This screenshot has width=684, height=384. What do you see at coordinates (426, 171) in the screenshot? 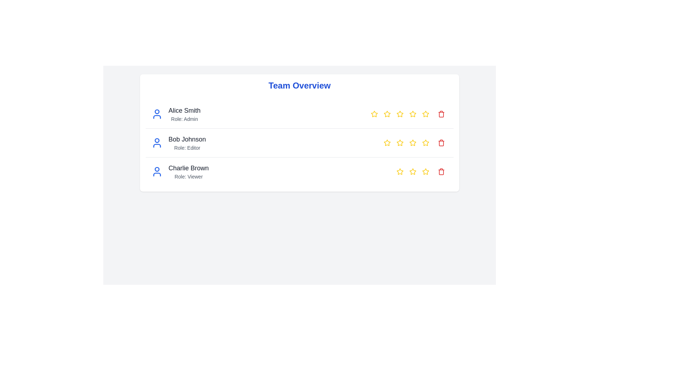
I see `the yellow star icon representing the 5th star in the rating system for Charlie Brown's profile` at bounding box center [426, 171].